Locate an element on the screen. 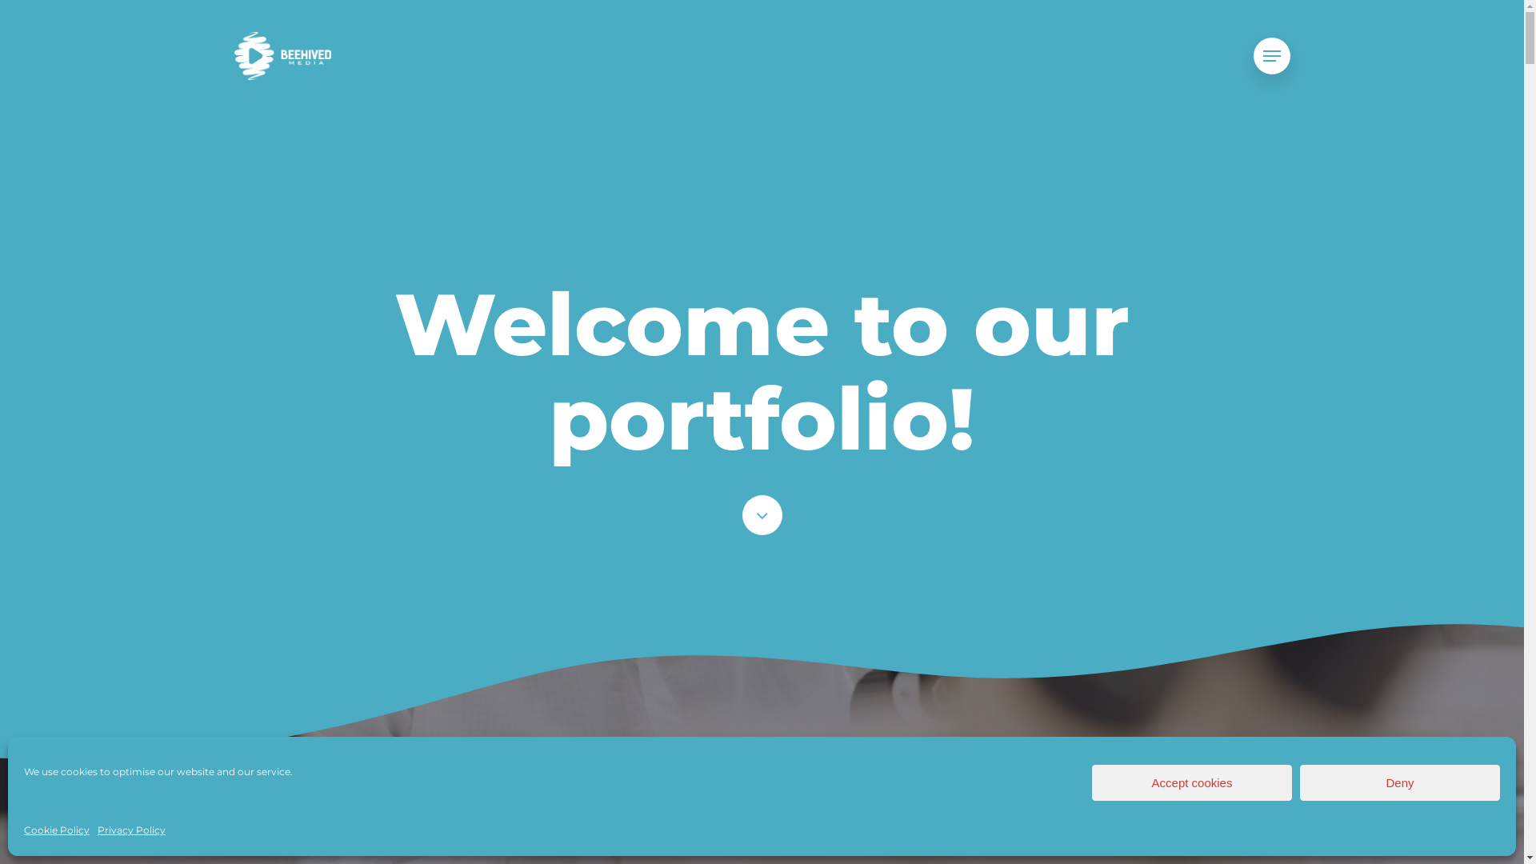 This screenshot has height=864, width=1536. 'Cookie Policy' is located at coordinates (57, 829).